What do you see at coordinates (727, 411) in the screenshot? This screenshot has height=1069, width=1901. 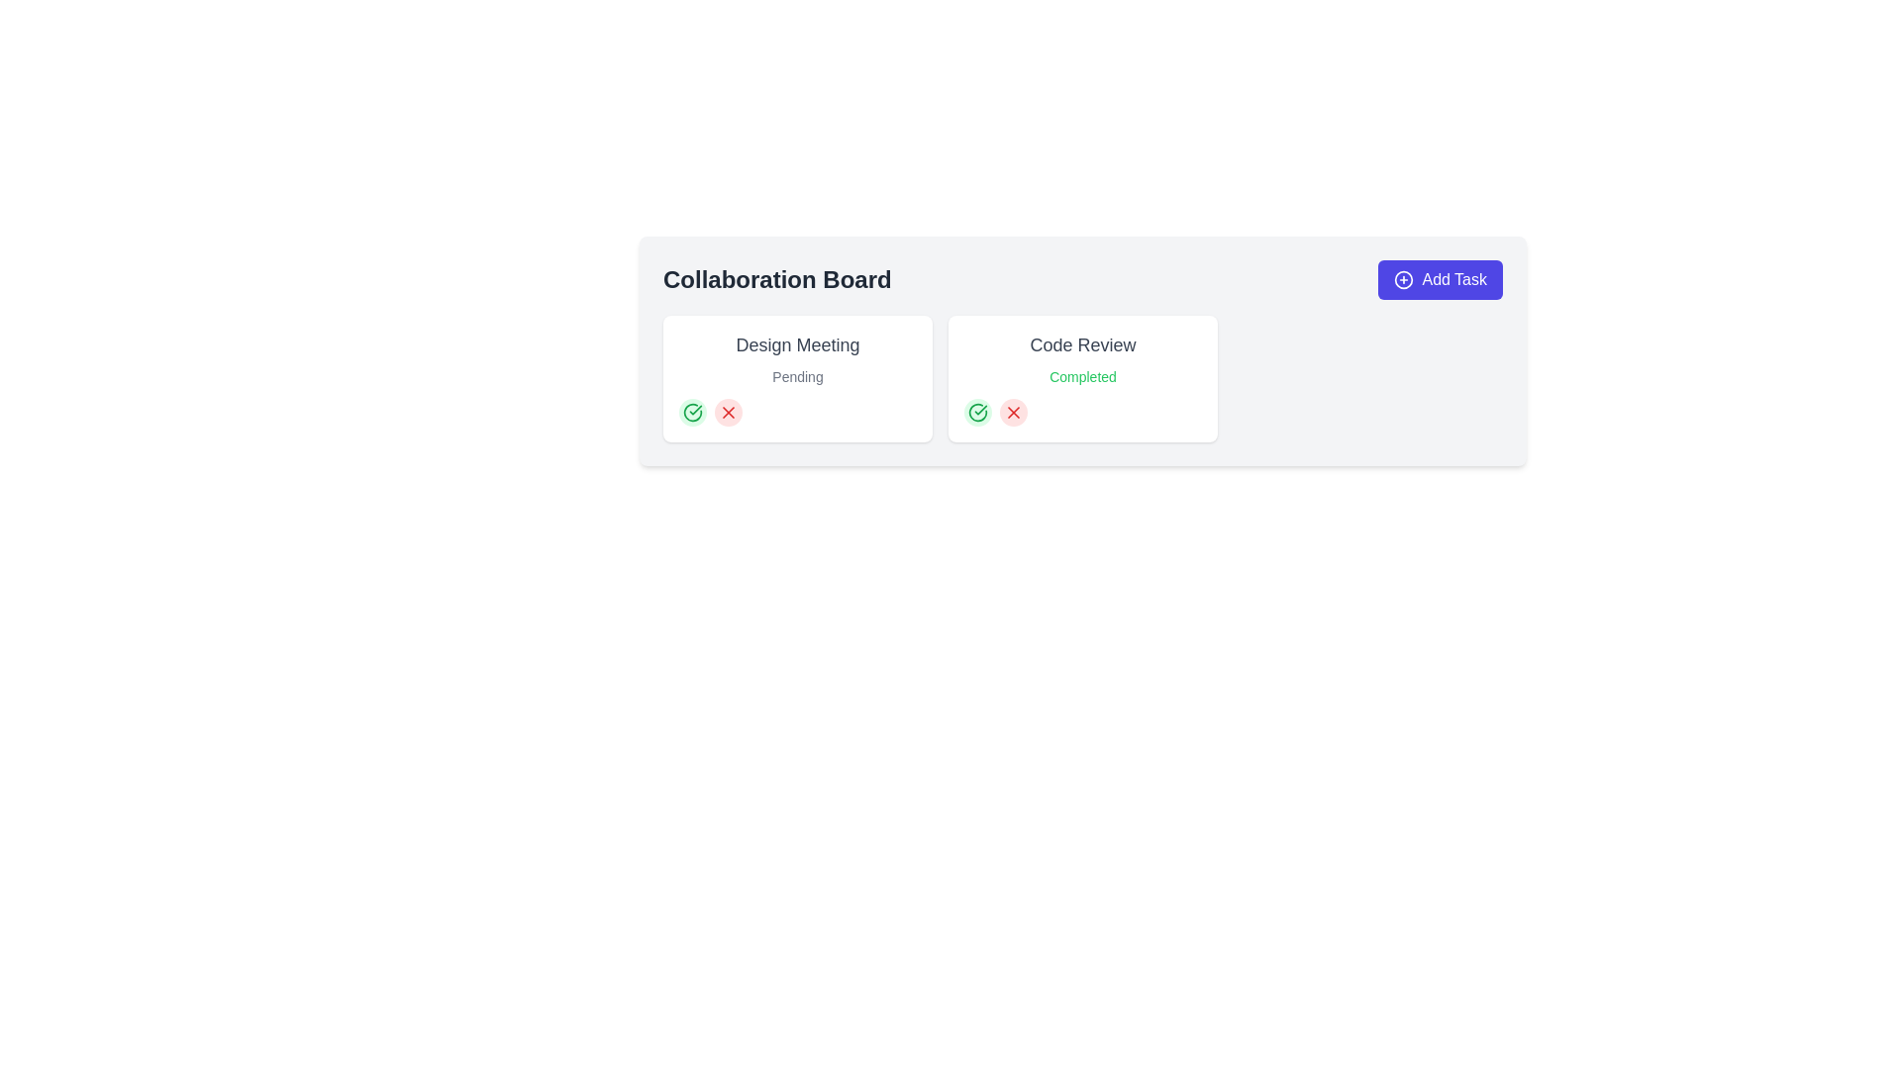 I see `the cancel icon located in the 'Design Meeting' section of the 'Collaboration Board', positioned next to the green checkmark symbol` at bounding box center [727, 411].